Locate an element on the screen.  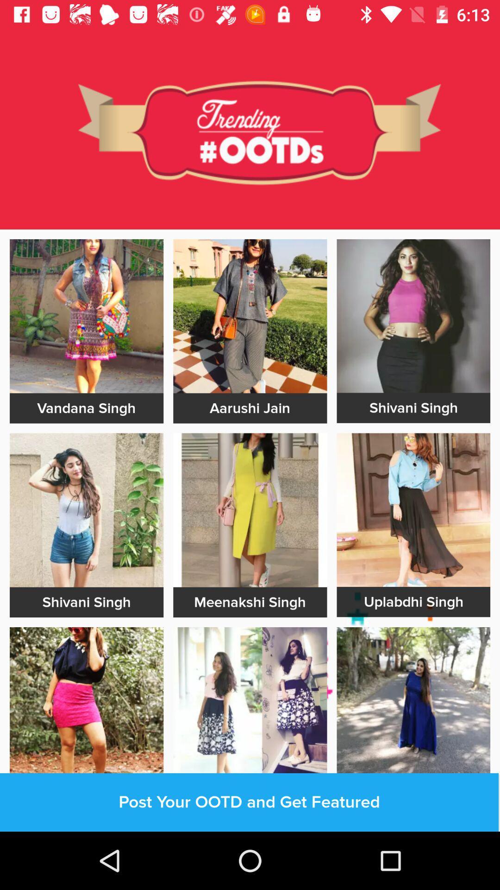
advertisement image is located at coordinates (413, 509).